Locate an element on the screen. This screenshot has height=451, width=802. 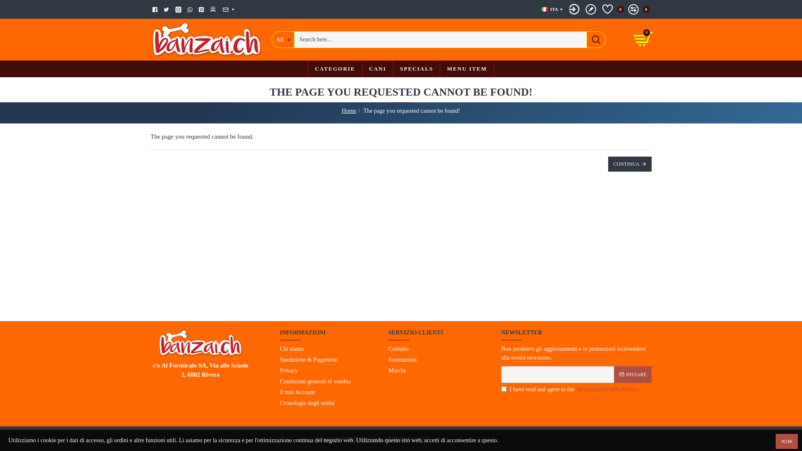
'Spedizione & Pagamenti' is located at coordinates (308, 360).